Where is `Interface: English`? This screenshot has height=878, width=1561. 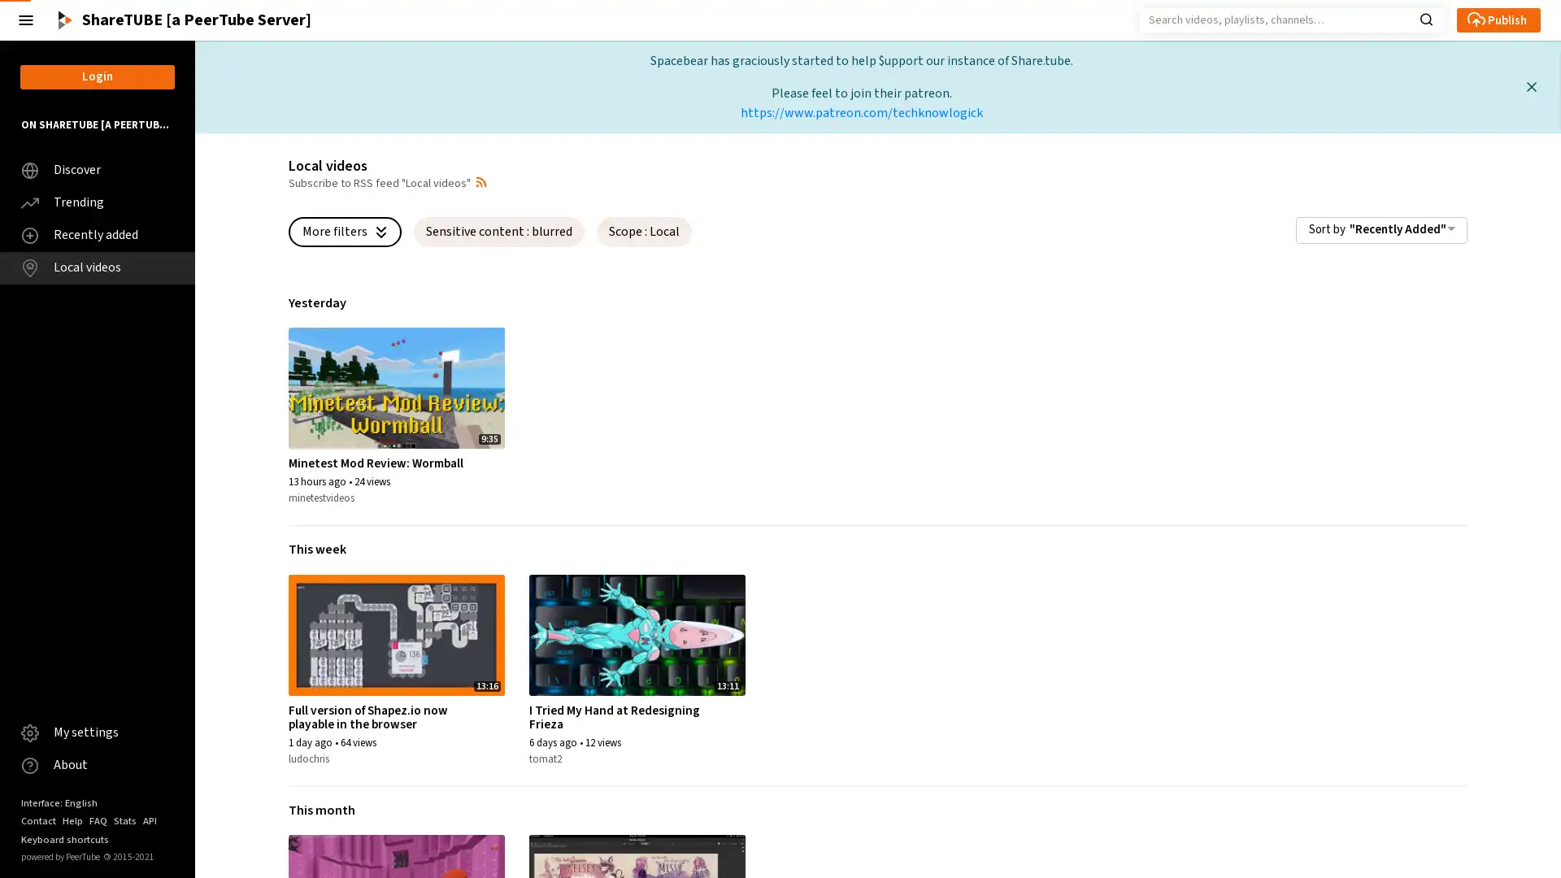 Interface: English is located at coordinates (59, 802).